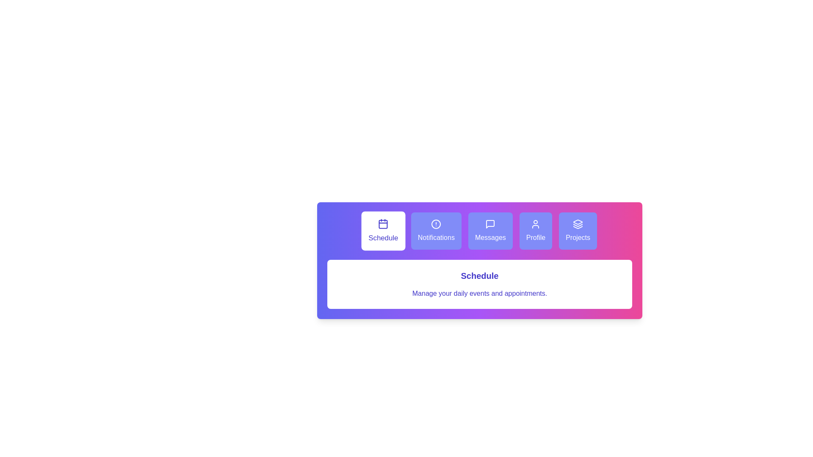 This screenshot has width=813, height=457. I want to click on the tab labeled Projects to view its details, so click(577, 231).